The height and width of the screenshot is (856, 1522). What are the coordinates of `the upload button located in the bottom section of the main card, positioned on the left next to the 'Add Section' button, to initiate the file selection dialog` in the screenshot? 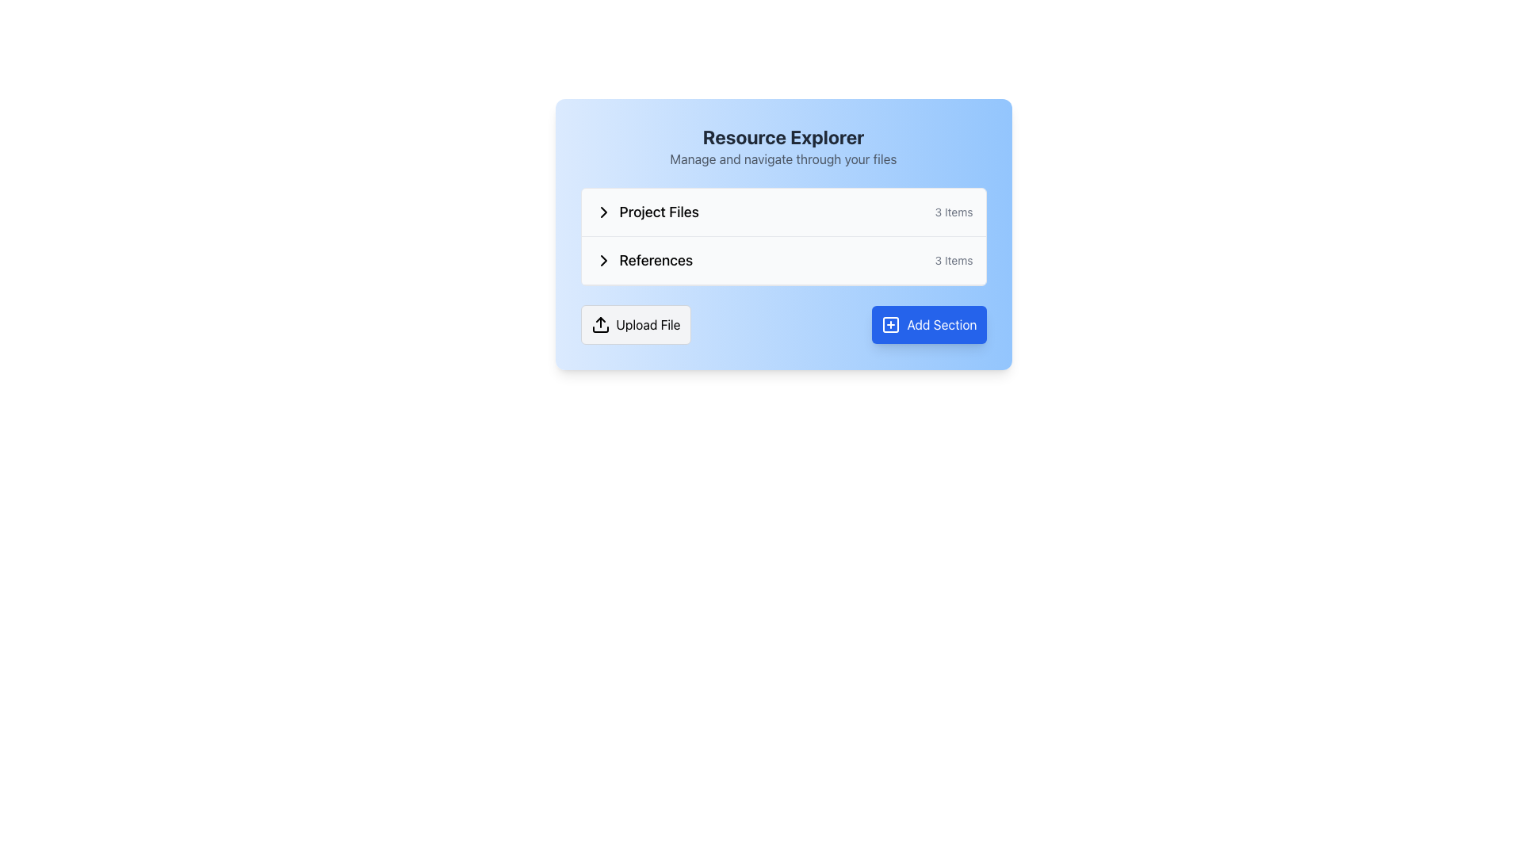 It's located at (635, 323).